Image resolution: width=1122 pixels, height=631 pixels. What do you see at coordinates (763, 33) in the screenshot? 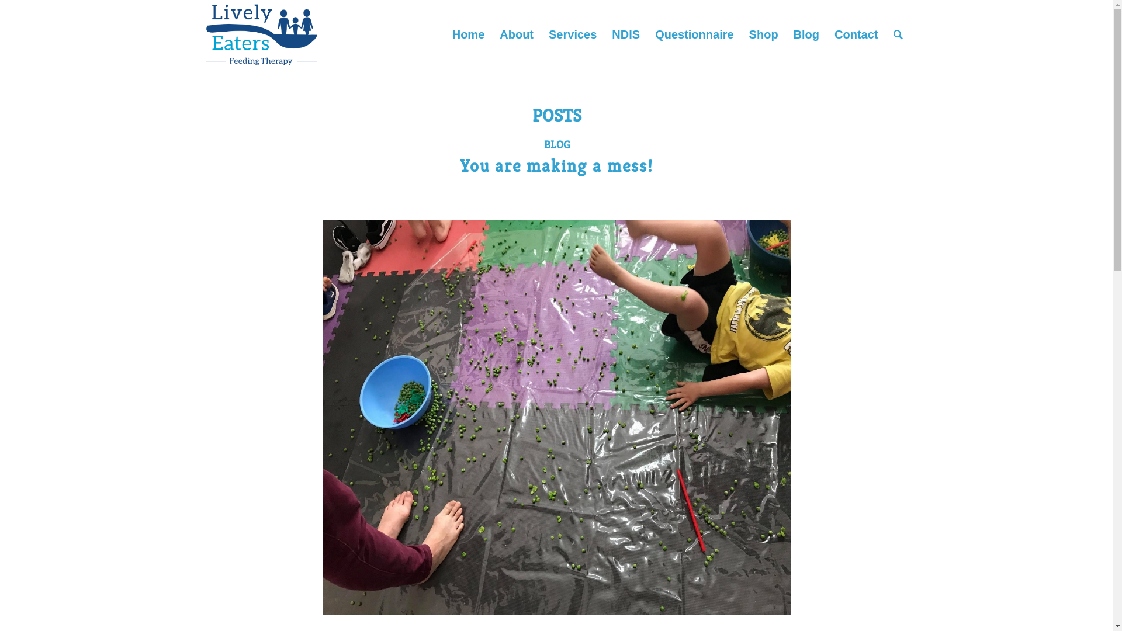
I see `'Shop'` at bounding box center [763, 33].